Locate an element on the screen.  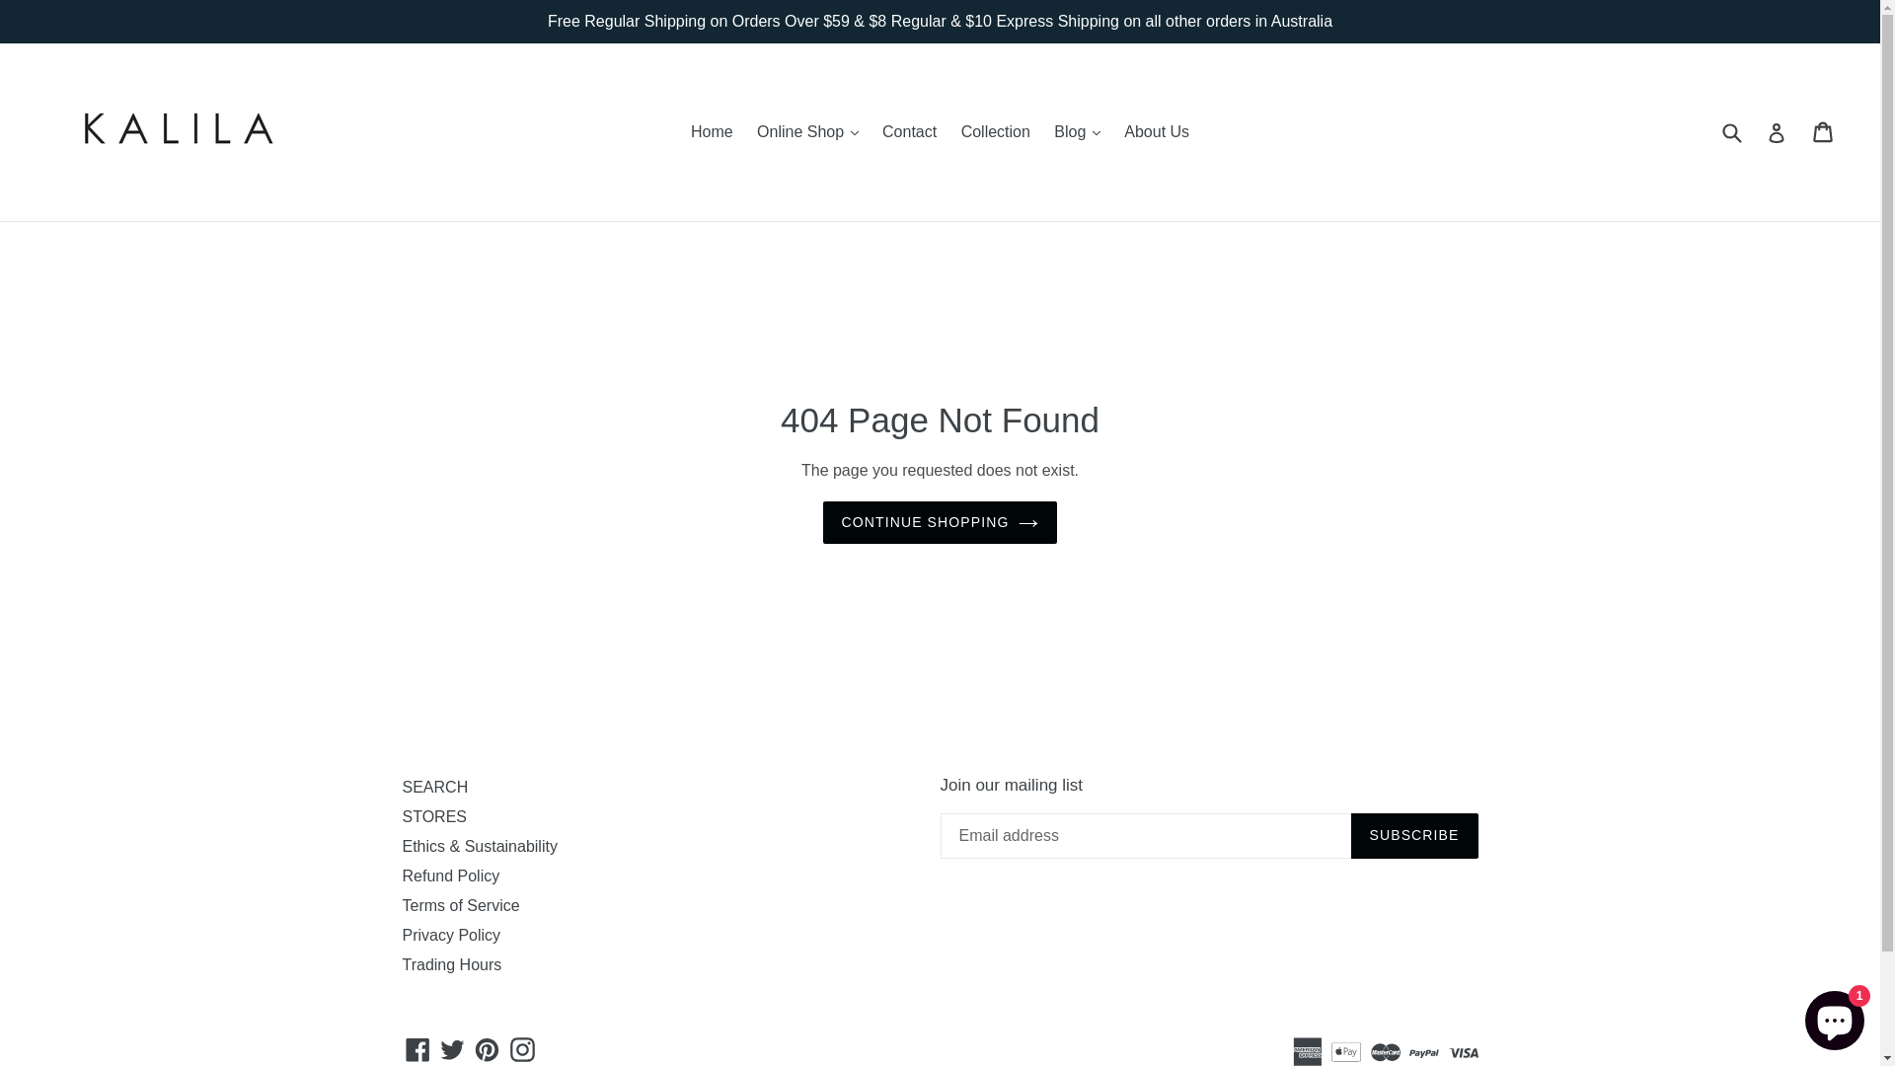
'Facebook' is located at coordinates (417, 1048).